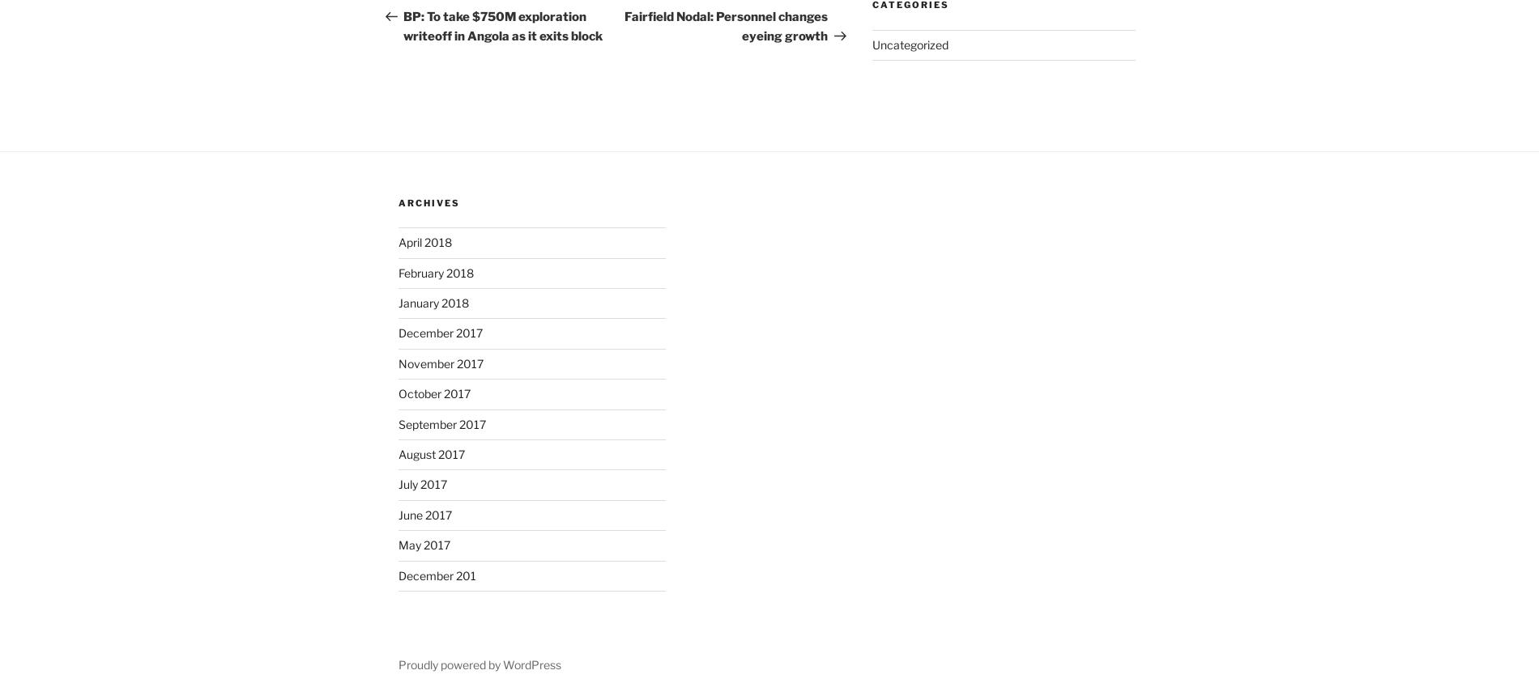  What do you see at coordinates (424, 242) in the screenshot?
I see `'April 2018'` at bounding box center [424, 242].